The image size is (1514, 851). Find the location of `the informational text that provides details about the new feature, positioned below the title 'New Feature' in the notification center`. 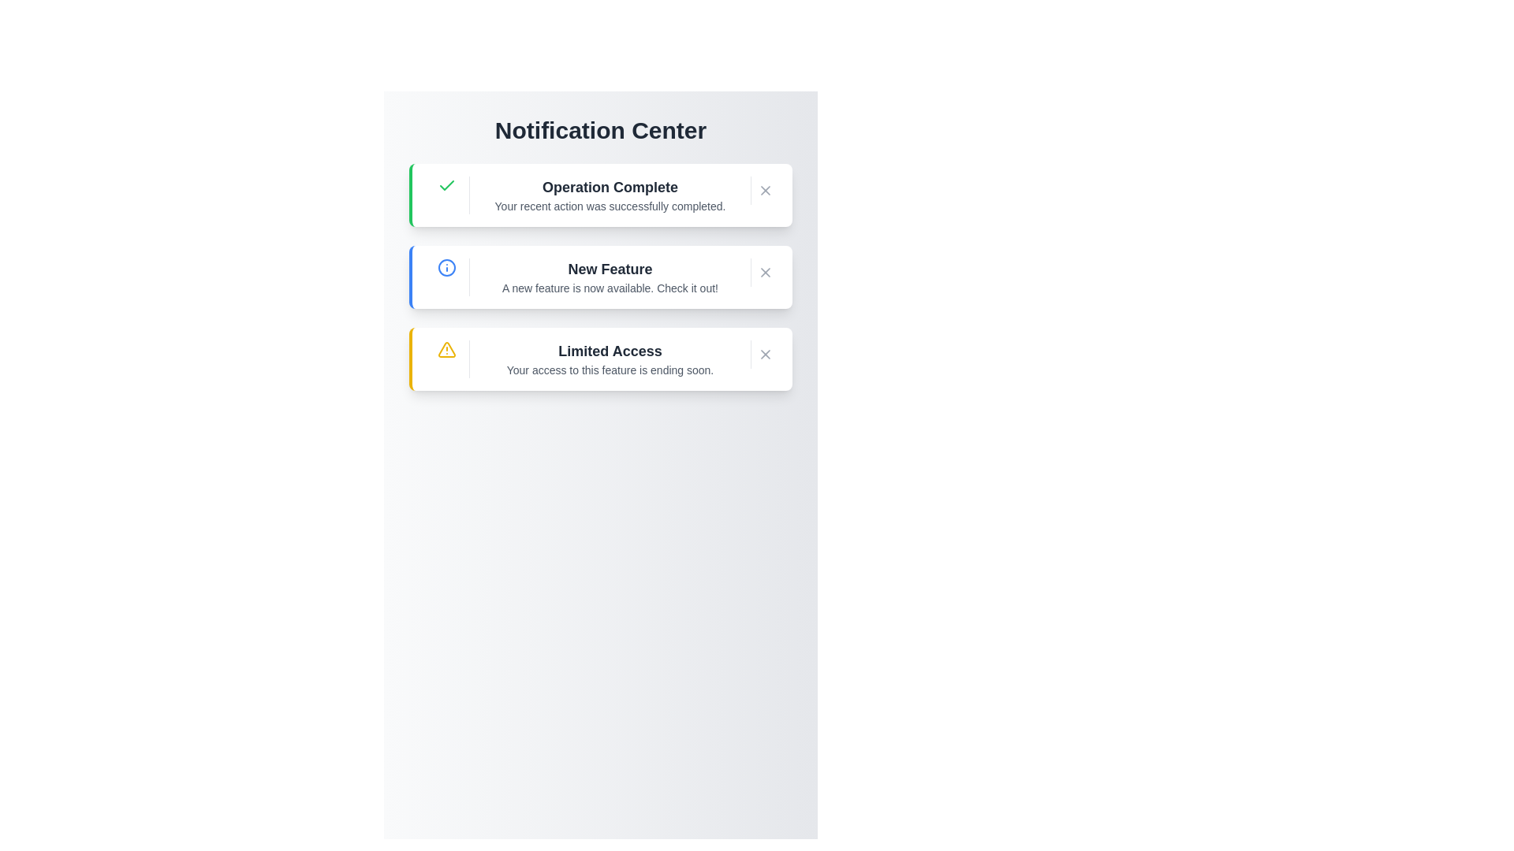

the informational text that provides details about the new feature, positioned below the title 'New Feature' in the notification center is located at coordinates (609, 288).